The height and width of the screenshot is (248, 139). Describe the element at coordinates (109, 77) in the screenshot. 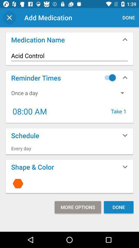

I see `item below acid control` at that location.